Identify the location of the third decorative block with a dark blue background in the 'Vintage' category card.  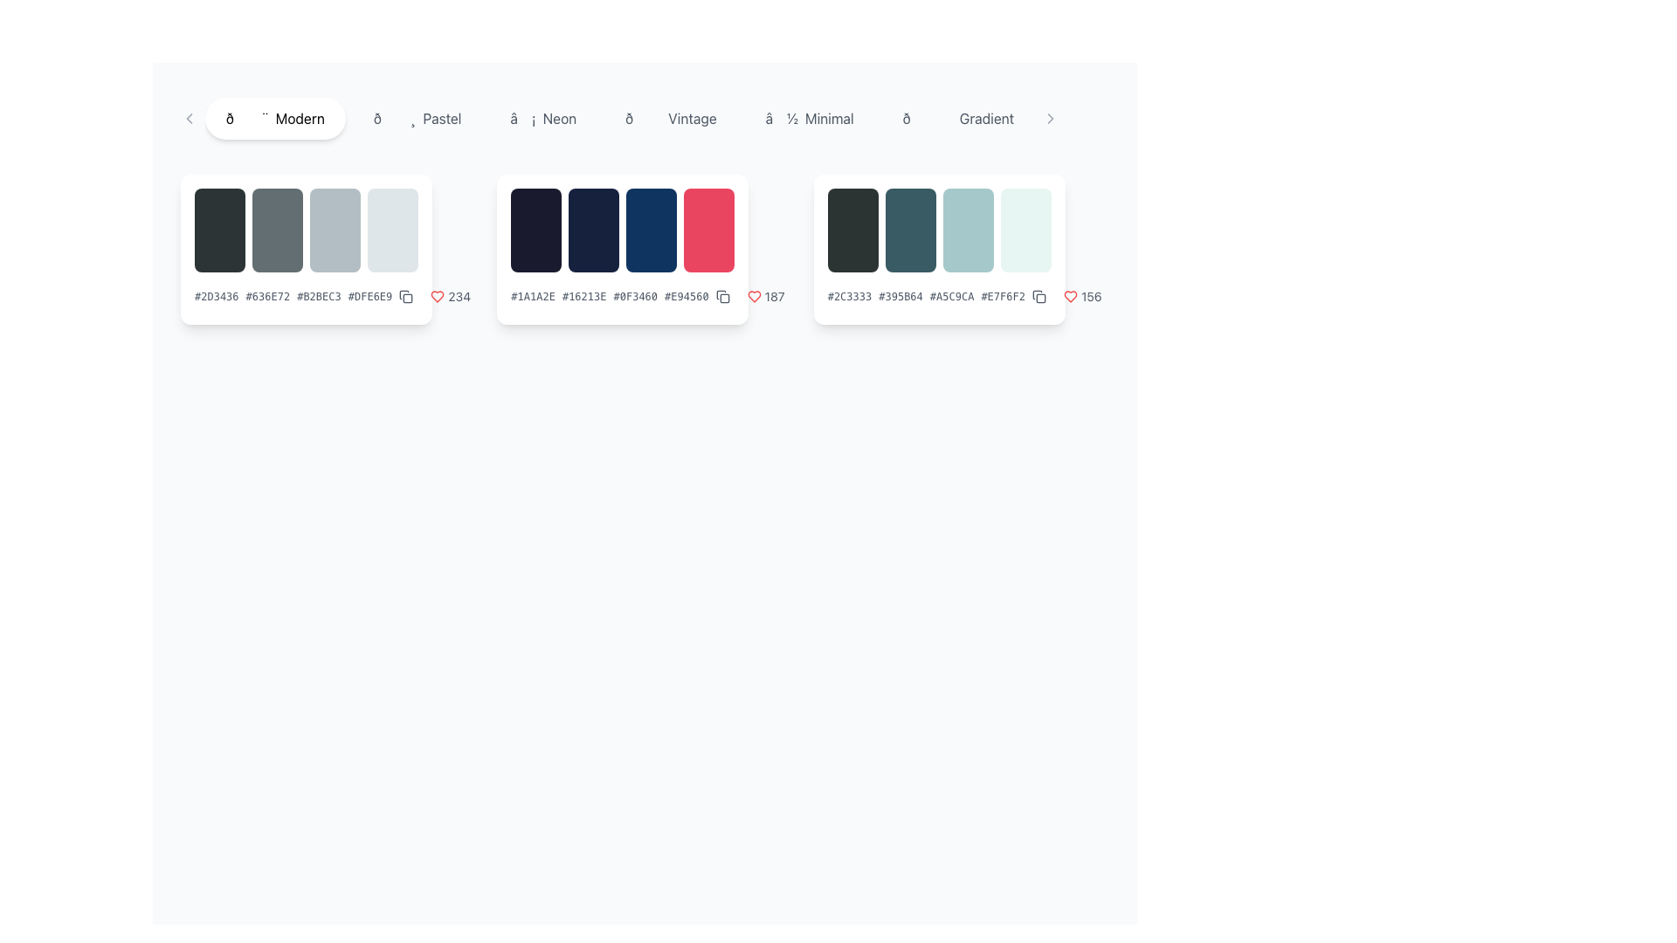
(651, 229).